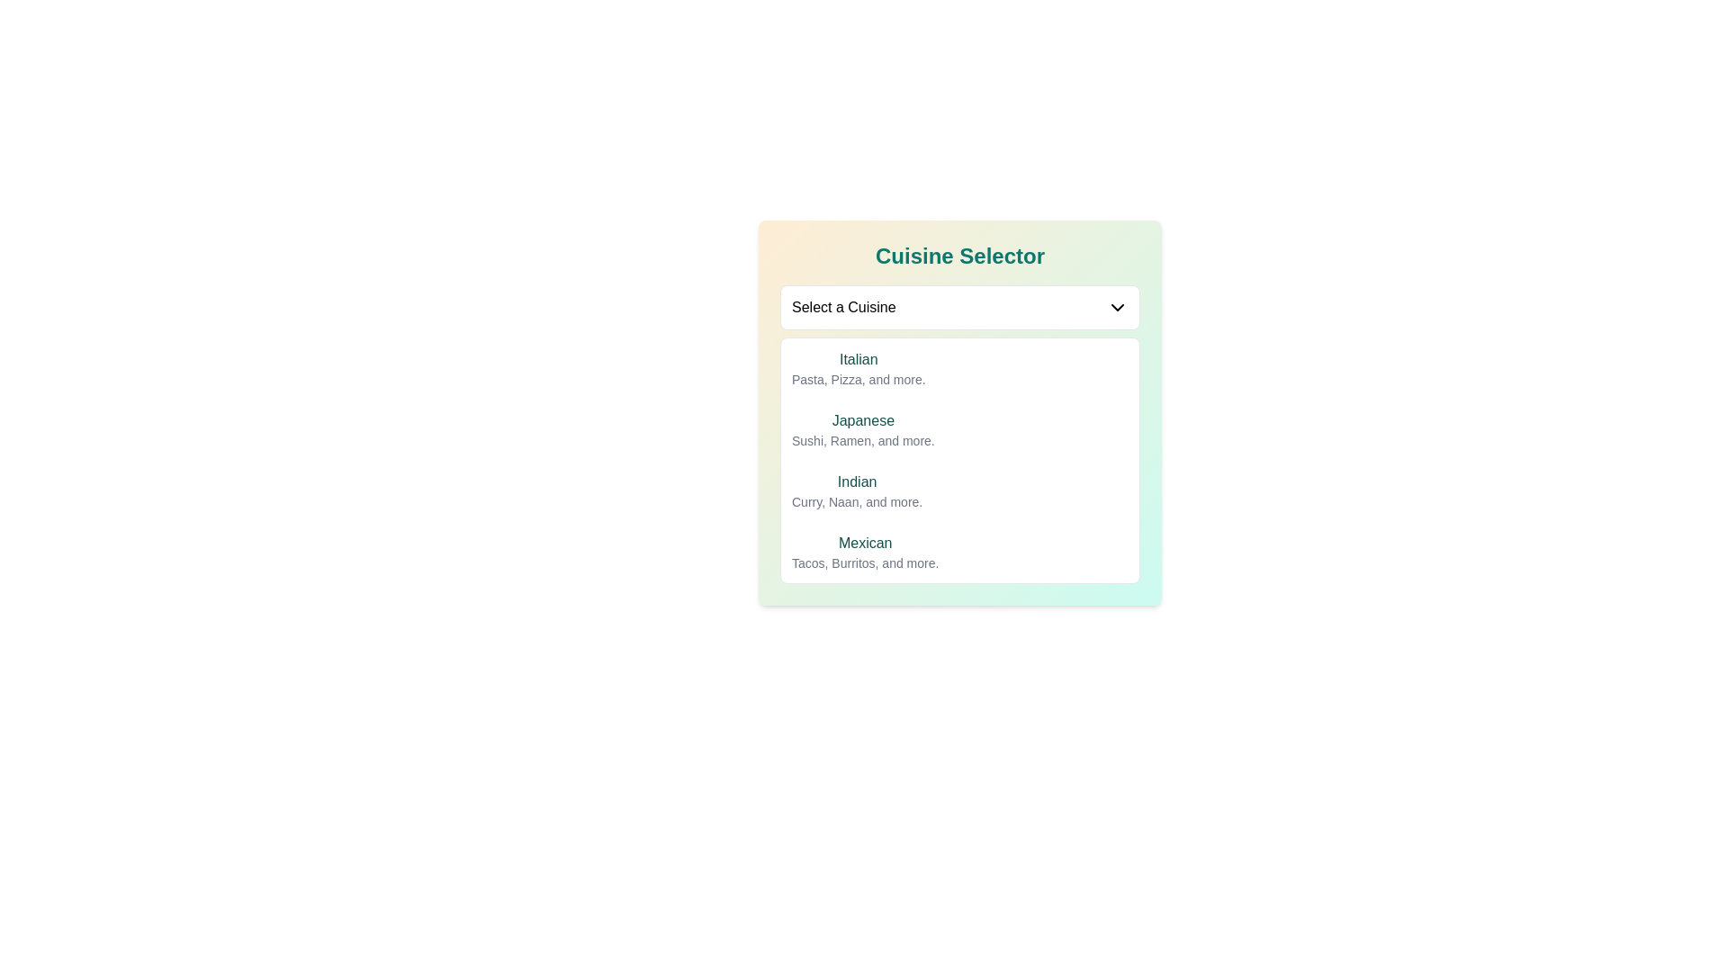  What do you see at coordinates (958, 367) in the screenshot?
I see `the first list item displaying 'Italian' in the Cuisine Selector` at bounding box center [958, 367].